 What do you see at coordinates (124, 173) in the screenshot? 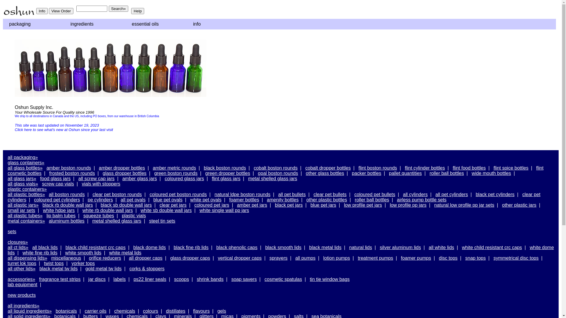
I see `'glass dropper bottles'` at bounding box center [124, 173].